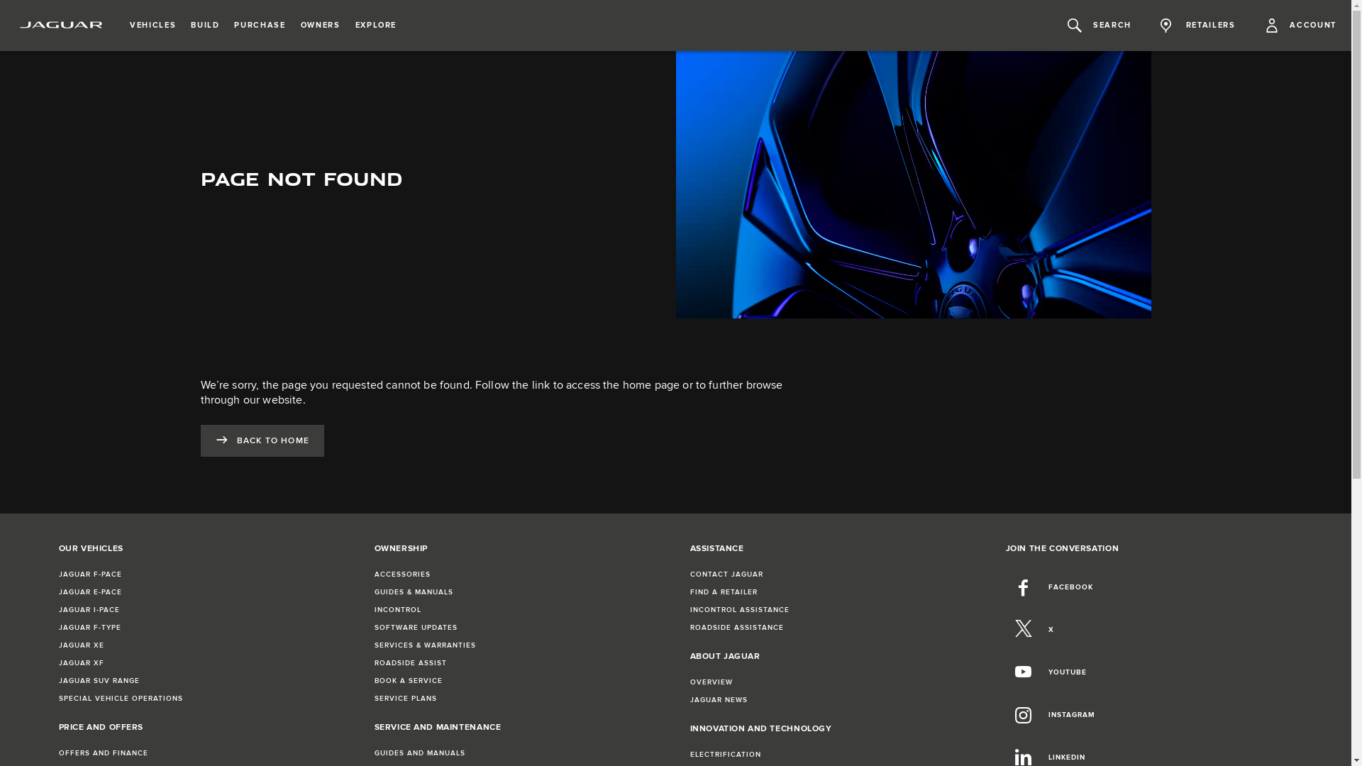  What do you see at coordinates (375, 697) in the screenshot?
I see `'SERVICE PLANS'` at bounding box center [375, 697].